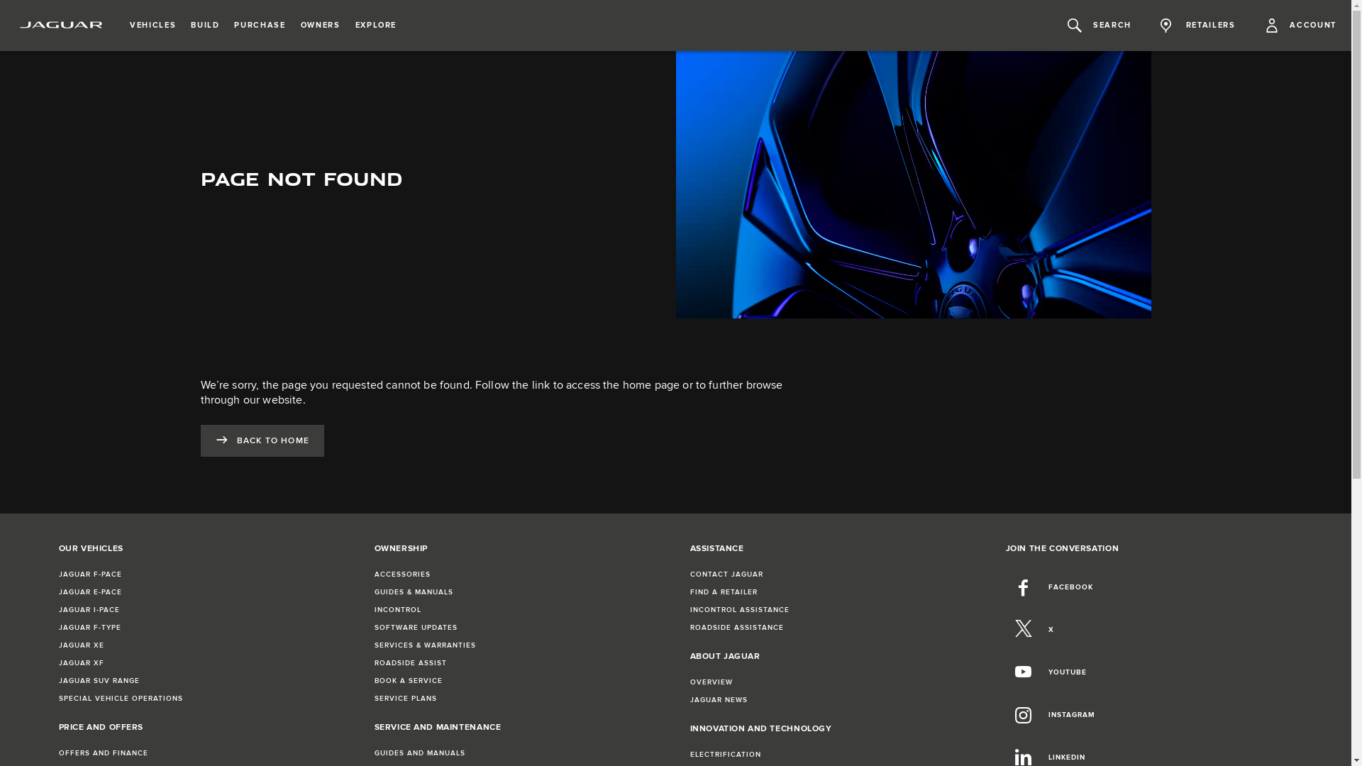  What do you see at coordinates (375, 697) in the screenshot?
I see `'SERVICE PLANS'` at bounding box center [375, 697].